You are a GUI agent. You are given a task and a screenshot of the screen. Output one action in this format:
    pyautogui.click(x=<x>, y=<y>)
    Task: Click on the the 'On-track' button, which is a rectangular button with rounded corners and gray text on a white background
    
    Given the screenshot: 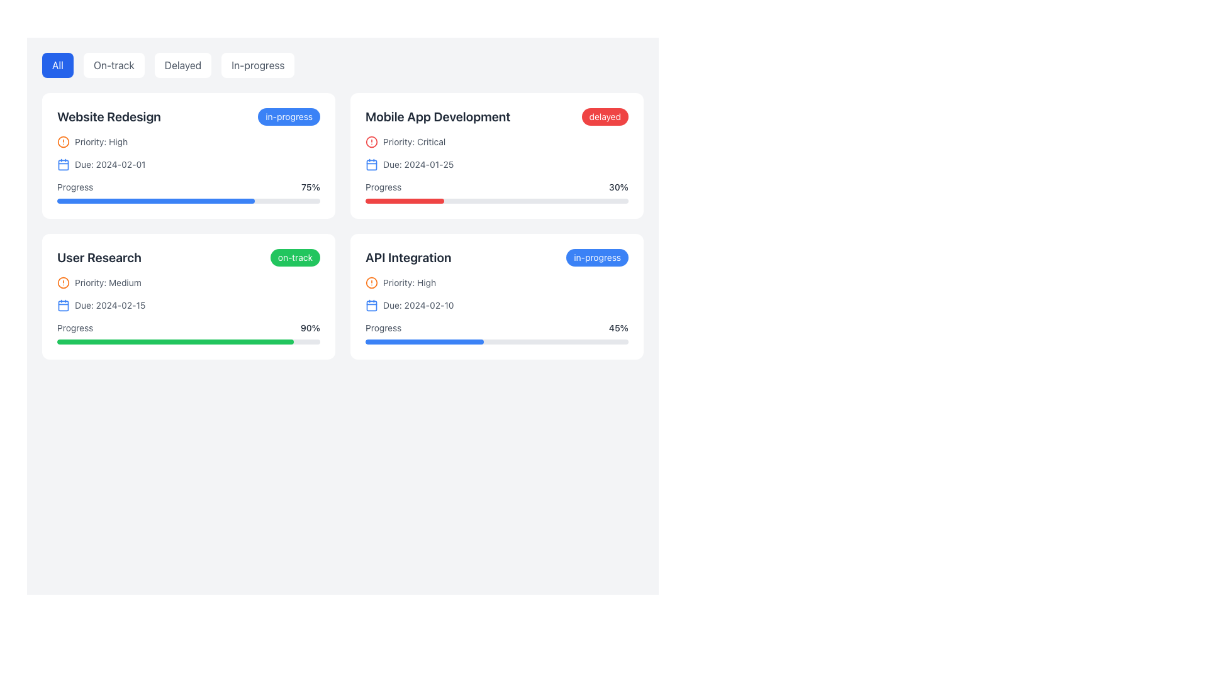 What is the action you would take?
    pyautogui.click(x=114, y=65)
    